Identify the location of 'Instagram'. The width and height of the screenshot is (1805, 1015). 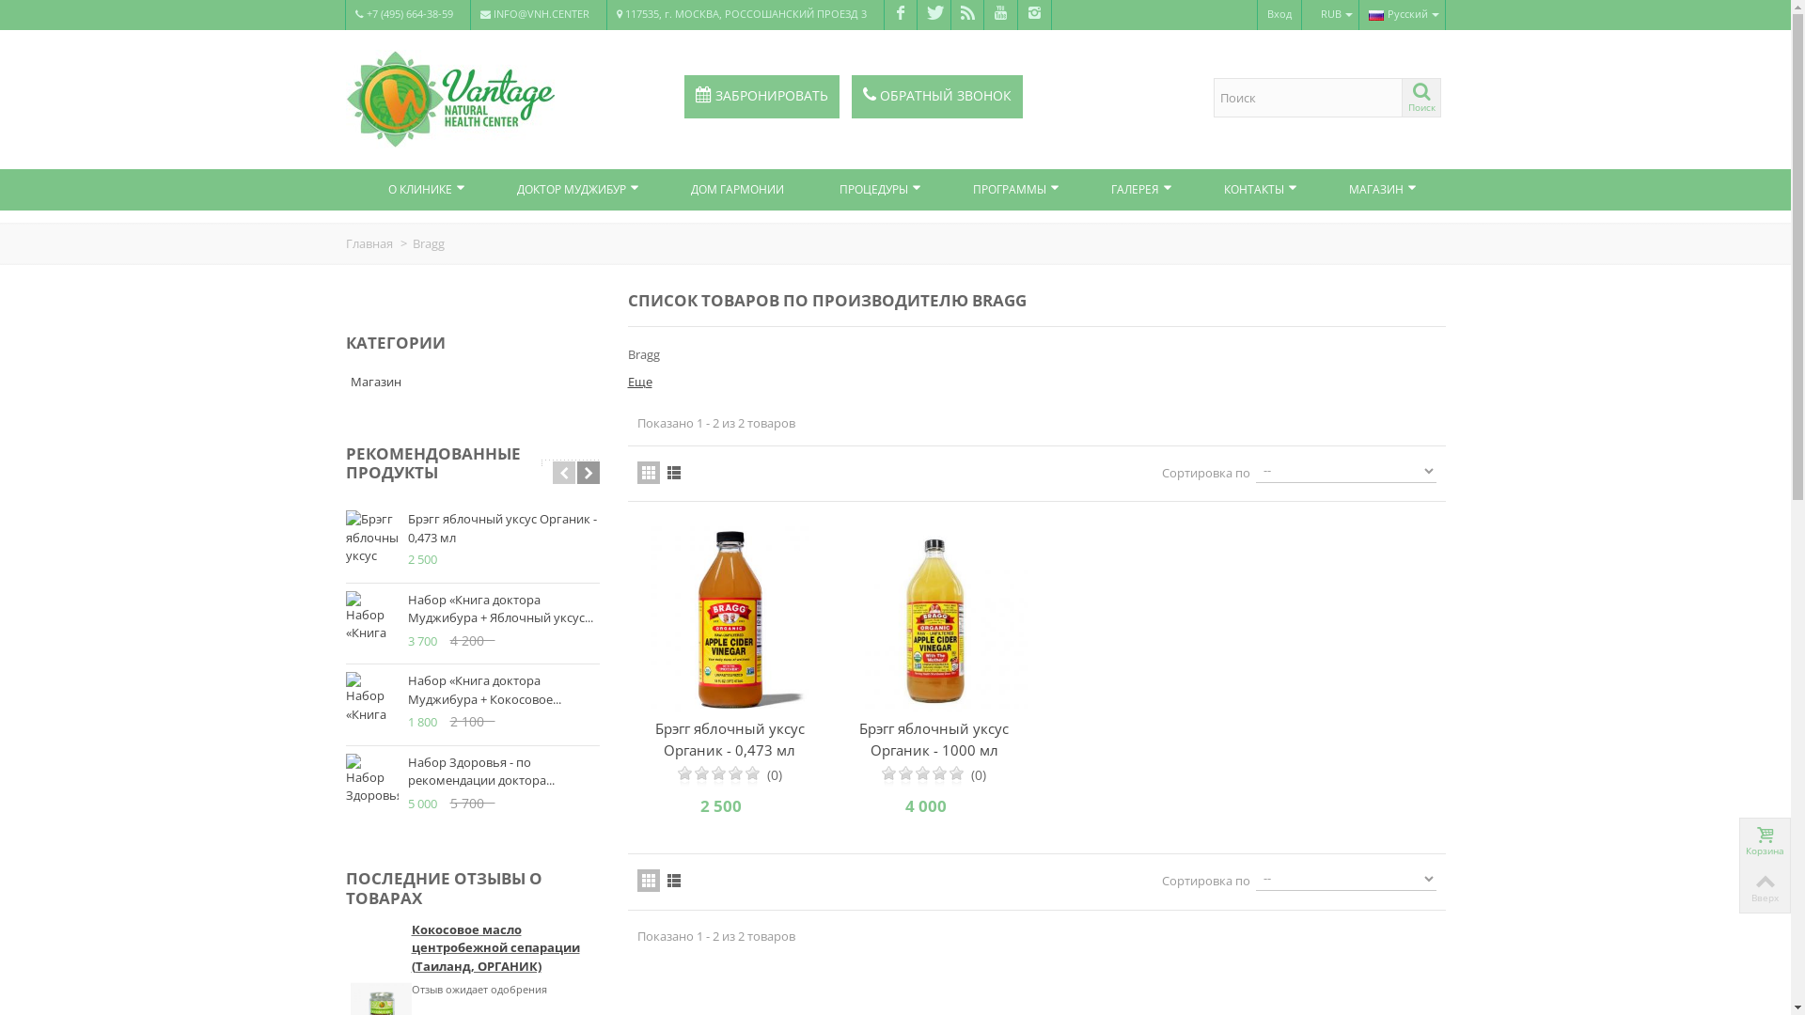
(1015, 14).